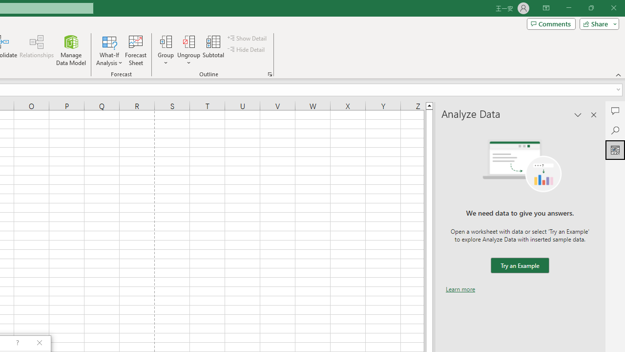  What do you see at coordinates (615, 130) in the screenshot?
I see `'Search'` at bounding box center [615, 130].